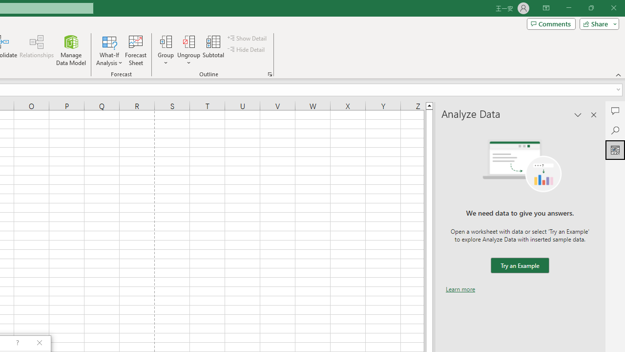  What do you see at coordinates (615, 130) in the screenshot?
I see `'Search'` at bounding box center [615, 130].